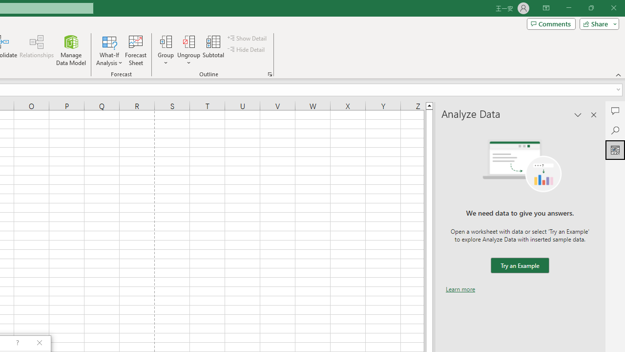  What do you see at coordinates (615, 130) in the screenshot?
I see `'Search'` at bounding box center [615, 130].